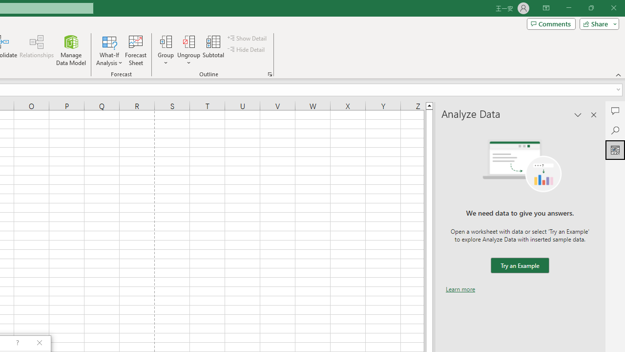  What do you see at coordinates (615, 130) in the screenshot?
I see `'Search'` at bounding box center [615, 130].